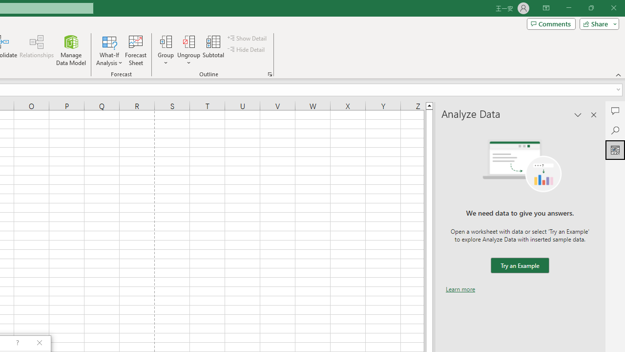  What do you see at coordinates (615, 130) in the screenshot?
I see `'Search'` at bounding box center [615, 130].